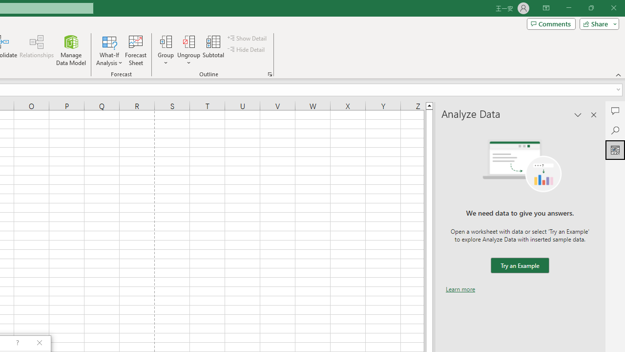  What do you see at coordinates (615, 130) in the screenshot?
I see `'Search'` at bounding box center [615, 130].